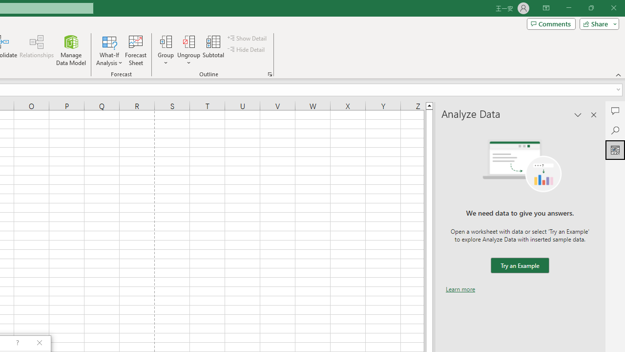  What do you see at coordinates (615, 130) in the screenshot?
I see `'Search'` at bounding box center [615, 130].